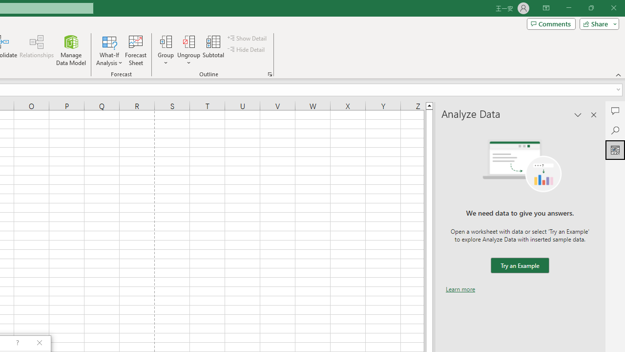  What do you see at coordinates (615, 130) in the screenshot?
I see `'Search'` at bounding box center [615, 130].